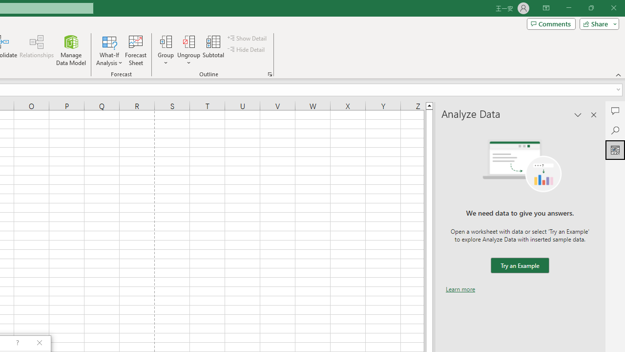  What do you see at coordinates (615, 130) in the screenshot?
I see `'Search'` at bounding box center [615, 130].